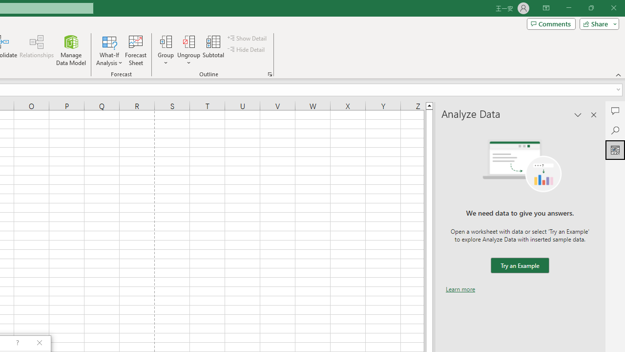  What do you see at coordinates (615, 130) in the screenshot?
I see `'Search'` at bounding box center [615, 130].